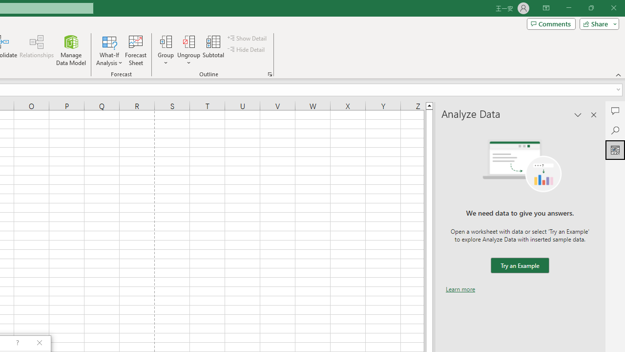  What do you see at coordinates (615, 130) in the screenshot?
I see `'Search'` at bounding box center [615, 130].